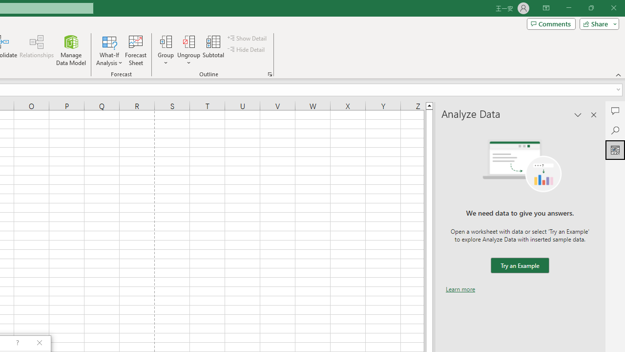  What do you see at coordinates (615, 130) in the screenshot?
I see `'Search'` at bounding box center [615, 130].